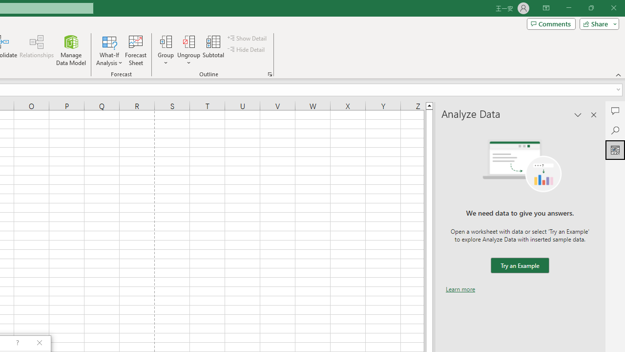  What do you see at coordinates (615, 130) in the screenshot?
I see `'Search'` at bounding box center [615, 130].